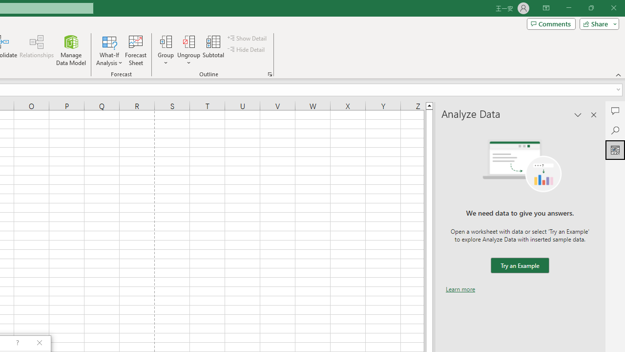  What do you see at coordinates (615, 130) in the screenshot?
I see `'Search'` at bounding box center [615, 130].